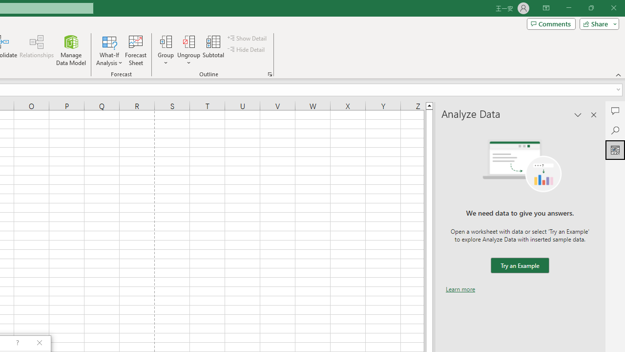  What do you see at coordinates (615, 130) in the screenshot?
I see `'Search'` at bounding box center [615, 130].